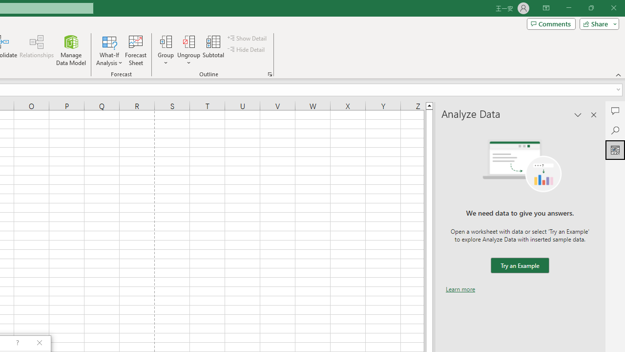  What do you see at coordinates (615, 130) in the screenshot?
I see `'Search'` at bounding box center [615, 130].